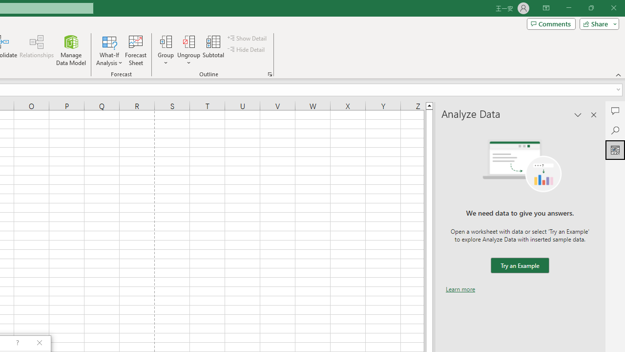  What do you see at coordinates (615, 130) in the screenshot?
I see `'Search'` at bounding box center [615, 130].